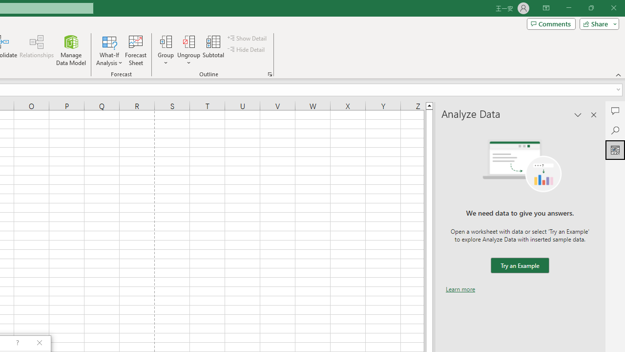  What do you see at coordinates (615, 130) in the screenshot?
I see `'Search'` at bounding box center [615, 130].